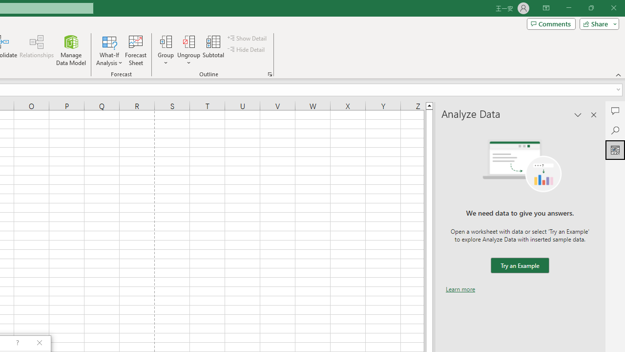  What do you see at coordinates (615, 130) in the screenshot?
I see `'Search'` at bounding box center [615, 130].